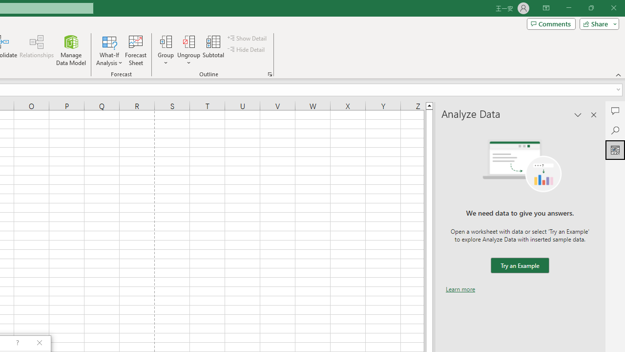  What do you see at coordinates (615, 130) in the screenshot?
I see `'Search'` at bounding box center [615, 130].